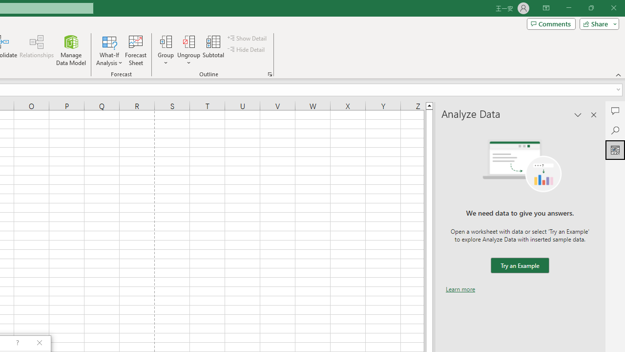  What do you see at coordinates (615, 130) in the screenshot?
I see `'Search'` at bounding box center [615, 130].